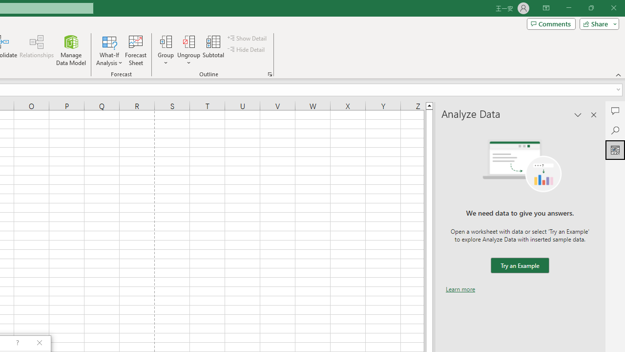  What do you see at coordinates (615, 130) in the screenshot?
I see `'Search'` at bounding box center [615, 130].